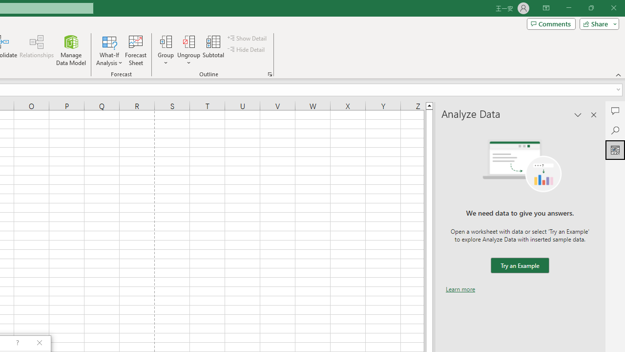  What do you see at coordinates (615, 130) in the screenshot?
I see `'Search'` at bounding box center [615, 130].